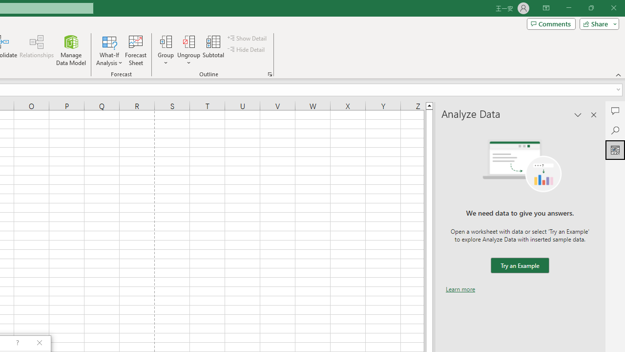  What do you see at coordinates (615, 130) in the screenshot?
I see `'Search'` at bounding box center [615, 130].